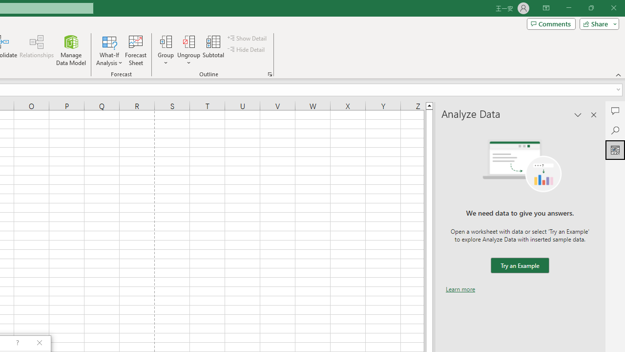  What do you see at coordinates (615, 130) in the screenshot?
I see `'Search'` at bounding box center [615, 130].